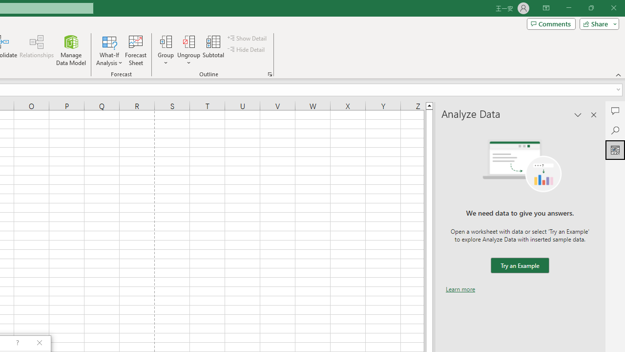  What do you see at coordinates (615, 130) in the screenshot?
I see `'Search'` at bounding box center [615, 130].